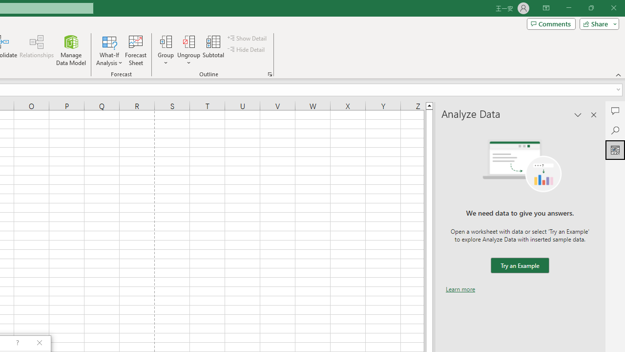  What do you see at coordinates (615, 130) in the screenshot?
I see `'Search'` at bounding box center [615, 130].